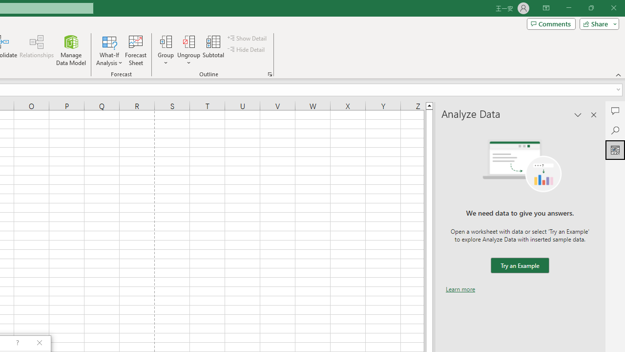  What do you see at coordinates (615, 130) in the screenshot?
I see `'Search'` at bounding box center [615, 130].